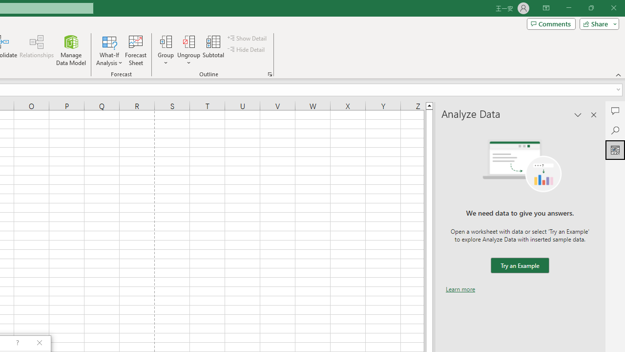  What do you see at coordinates (615, 130) in the screenshot?
I see `'Search'` at bounding box center [615, 130].